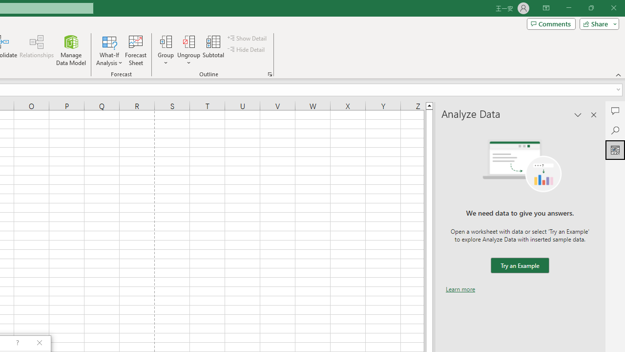  What do you see at coordinates (615, 130) in the screenshot?
I see `'Search'` at bounding box center [615, 130].